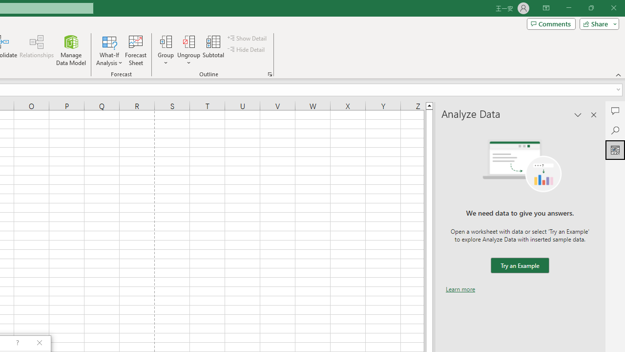  What do you see at coordinates (615, 130) in the screenshot?
I see `'Search'` at bounding box center [615, 130].